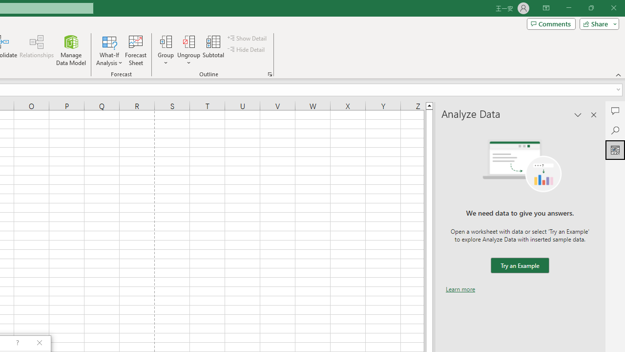  What do you see at coordinates (615, 130) in the screenshot?
I see `'Search'` at bounding box center [615, 130].